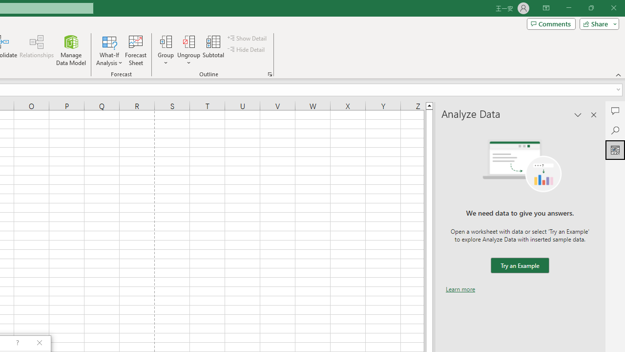  What do you see at coordinates (615, 130) in the screenshot?
I see `'Search'` at bounding box center [615, 130].